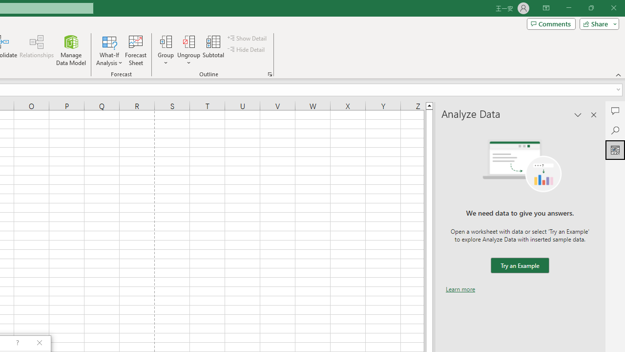  What do you see at coordinates (615, 130) in the screenshot?
I see `'Search'` at bounding box center [615, 130].